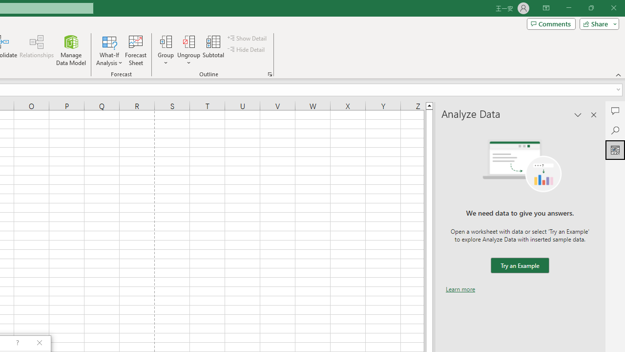  What do you see at coordinates (615, 130) in the screenshot?
I see `'Search'` at bounding box center [615, 130].